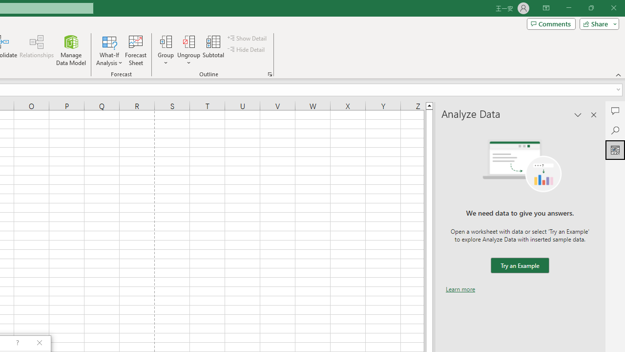  What do you see at coordinates (615, 130) in the screenshot?
I see `'Search'` at bounding box center [615, 130].